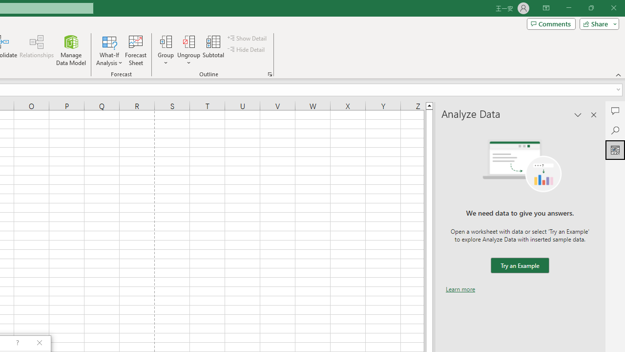  What do you see at coordinates (615, 130) in the screenshot?
I see `'Search'` at bounding box center [615, 130].